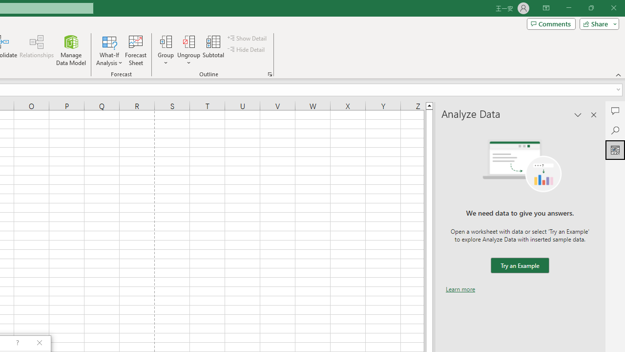  What do you see at coordinates (615, 130) in the screenshot?
I see `'Search'` at bounding box center [615, 130].